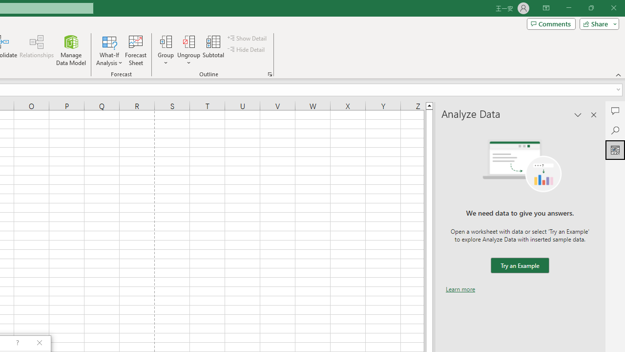  What do you see at coordinates (615, 130) in the screenshot?
I see `'Search'` at bounding box center [615, 130].